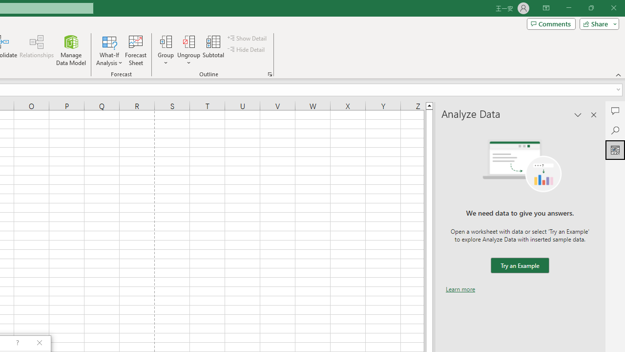  What do you see at coordinates (615, 130) in the screenshot?
I see `'Search'` at bounding box center [615, 130].